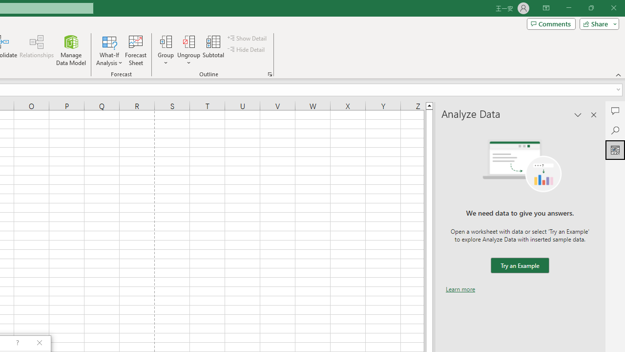  What do you see at coordinates (615, 130) in the screenshot?
I see `'Search'` at bounding box center [615, 130].